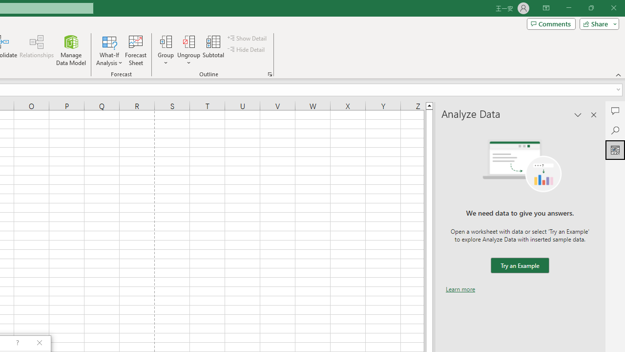  What do you see at coordinates (615, 130) in the screenshot?
I see `'Search'` at bounding box center [615, 130].